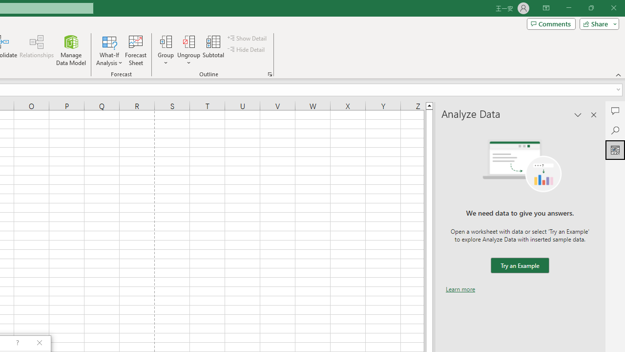  What do you see at coordinates (615, 130) in the screenshot?
I see `'Search'` at bounding box center [615, 130].